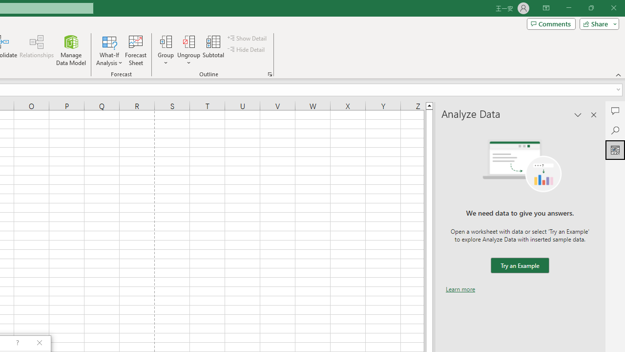  What do you see at coordinates (615, 130) in the screenshot?
I see `'Search'` at bounding box center [615, 130].